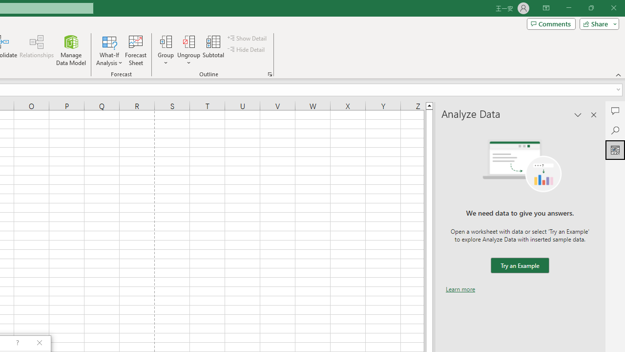  What do you see at coordinates (615, 130) in the screenshot?
I see `'Search'` at bounding box center [615, 130].